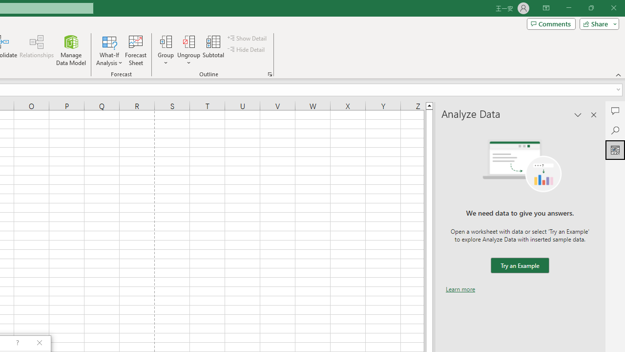  What do you see at coordinates (615, 130) in the screenshot?
I see `'Search'` at bounding box center [615, 130].